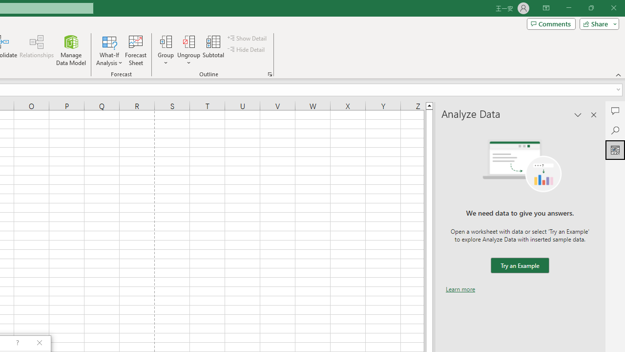  What do you see at coordinates (615, 130) in the screenshot?
I see `'Search'` at bounding box center [615, 130].